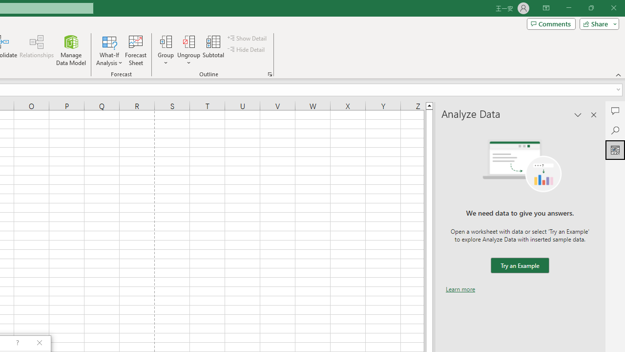  What do you see at coordinates (615, 130) in the screenshot?
I see `'Search'` at bounding box center [615, 130].